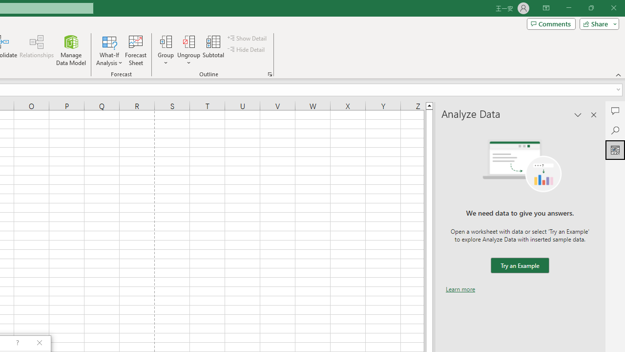  What do you see at coordinates (615, 130) in the screenshot?
I see `'Search'` at bounding box center [615, 130].